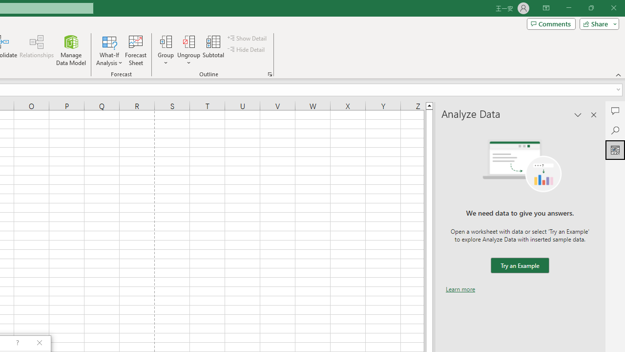  What do you see at coordinates (615, 130) in the screenshot?
I see `'Search'` at bounding box center [615, 130].